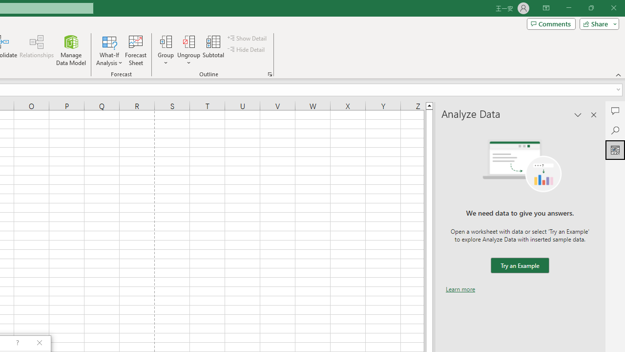  What do you see at coordinates (615, 130) in the screenshot?
I see `'Search'` at bounding box center [615, 130].